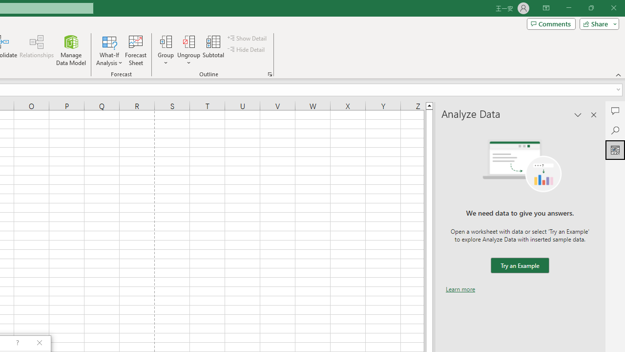  What do you see at coordinates (615, 130) in the screenshot?
I see `'Search'` at bounding box center [615, 130].